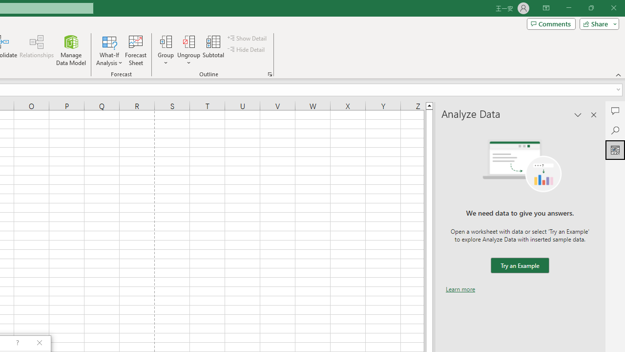  What do you see at coordinates (615, 130) in the screenshot?
I see `'Search'` at bounding box center [615, 130].